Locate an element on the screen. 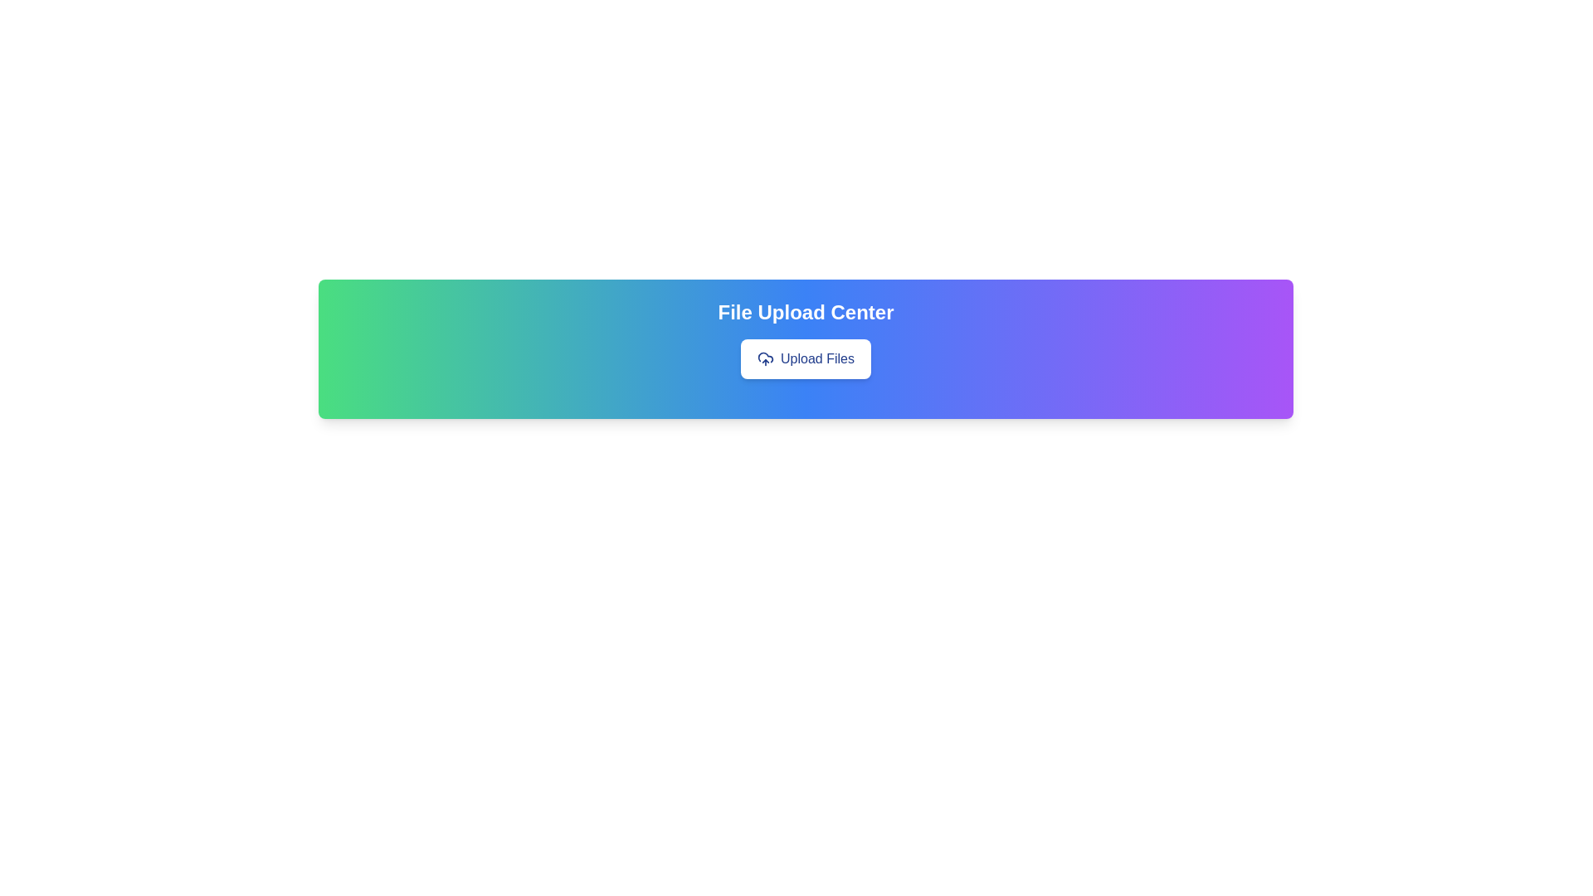 Image resolution: width=1593 pixels, height=896 pixels. the 'Upload Files' button, which is a horizontally rectangular button with rounded corners, white background, and blue text, located below the 'File Upload Center' text is located at coordinates (806, 358).